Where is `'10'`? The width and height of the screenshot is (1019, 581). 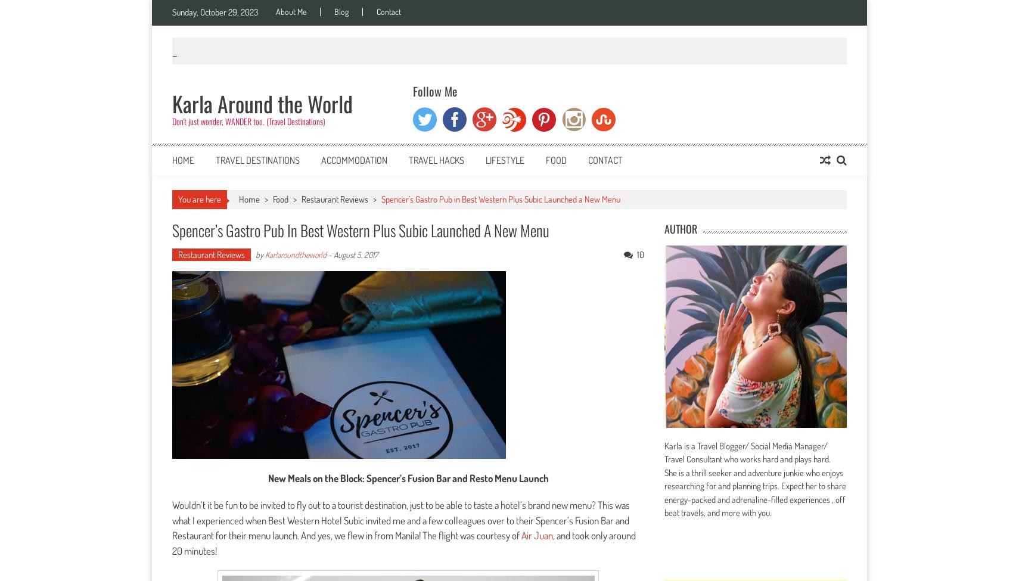 '10' is located at coordinates (640, 254).